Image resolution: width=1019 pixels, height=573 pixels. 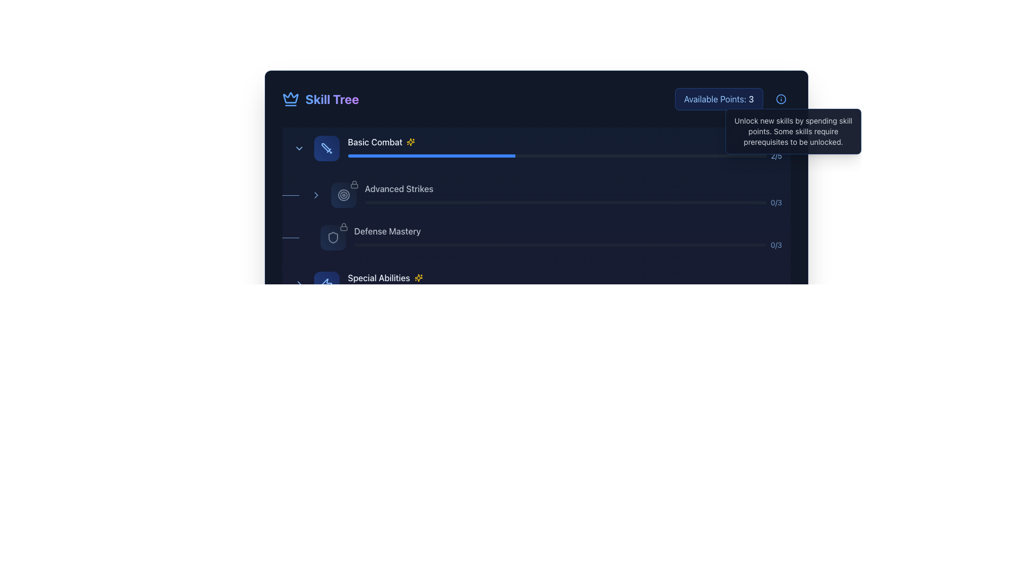 What do you see at coordinates (298, 149) in the screenshot?
I see `the downward-pointing chevron icon button, which is styled with a thin, outlined design in light blue, located on the left side of the 'Basic Combat' section` at bounding box center [298, 149].